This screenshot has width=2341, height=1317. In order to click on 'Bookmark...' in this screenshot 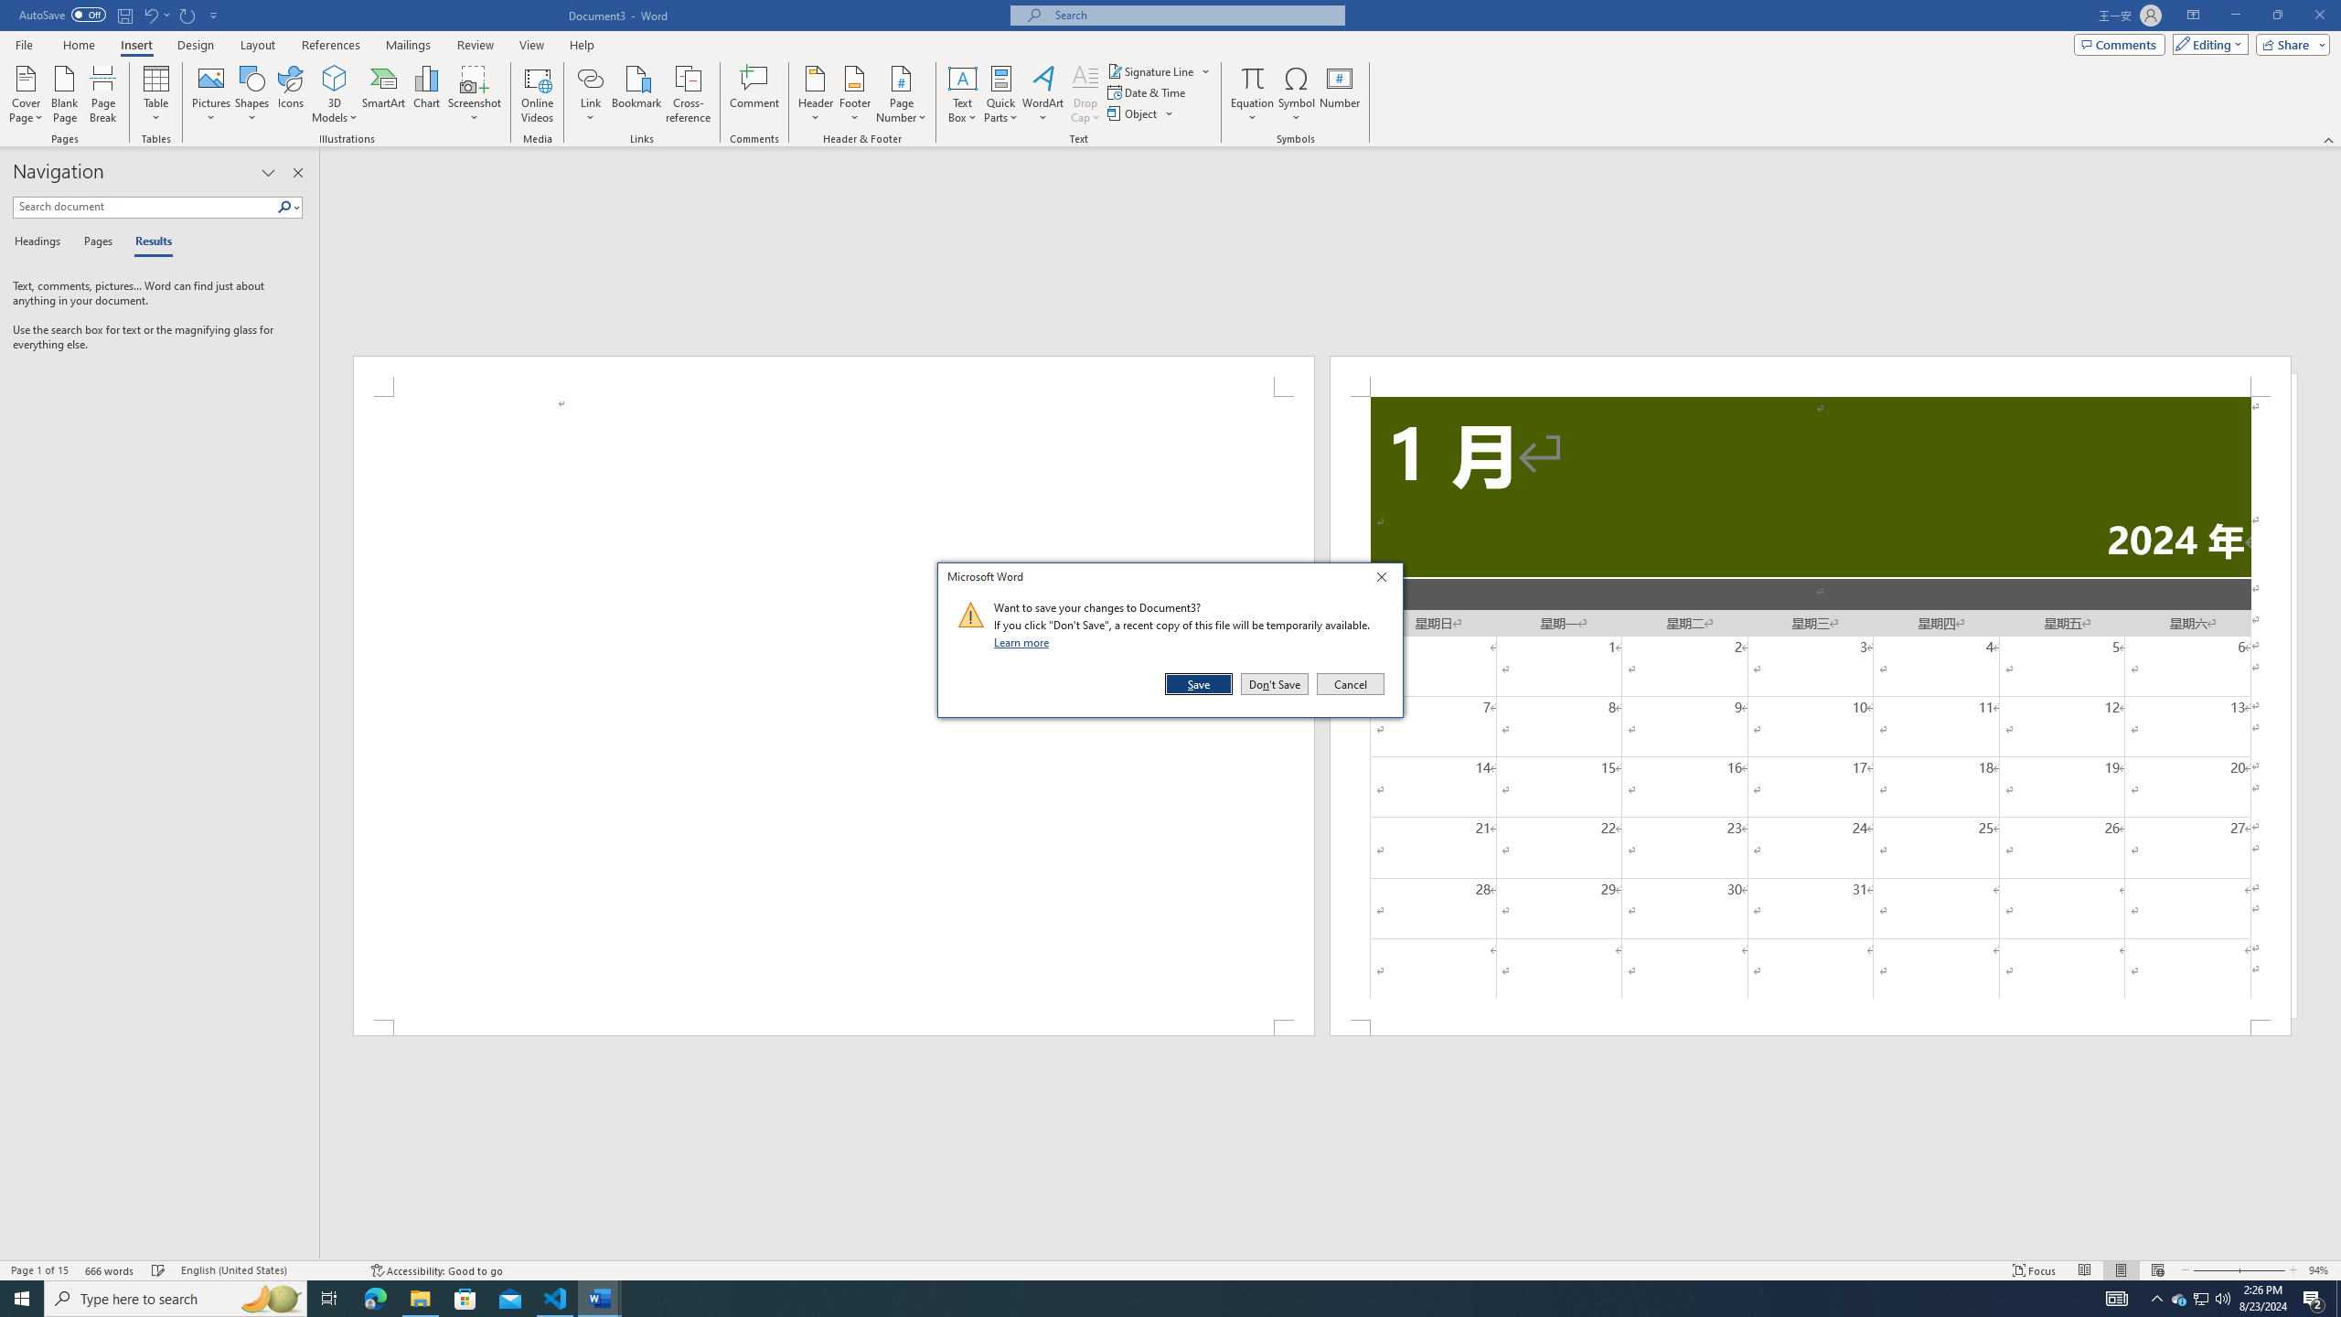, I will do `click(637, 94)`.